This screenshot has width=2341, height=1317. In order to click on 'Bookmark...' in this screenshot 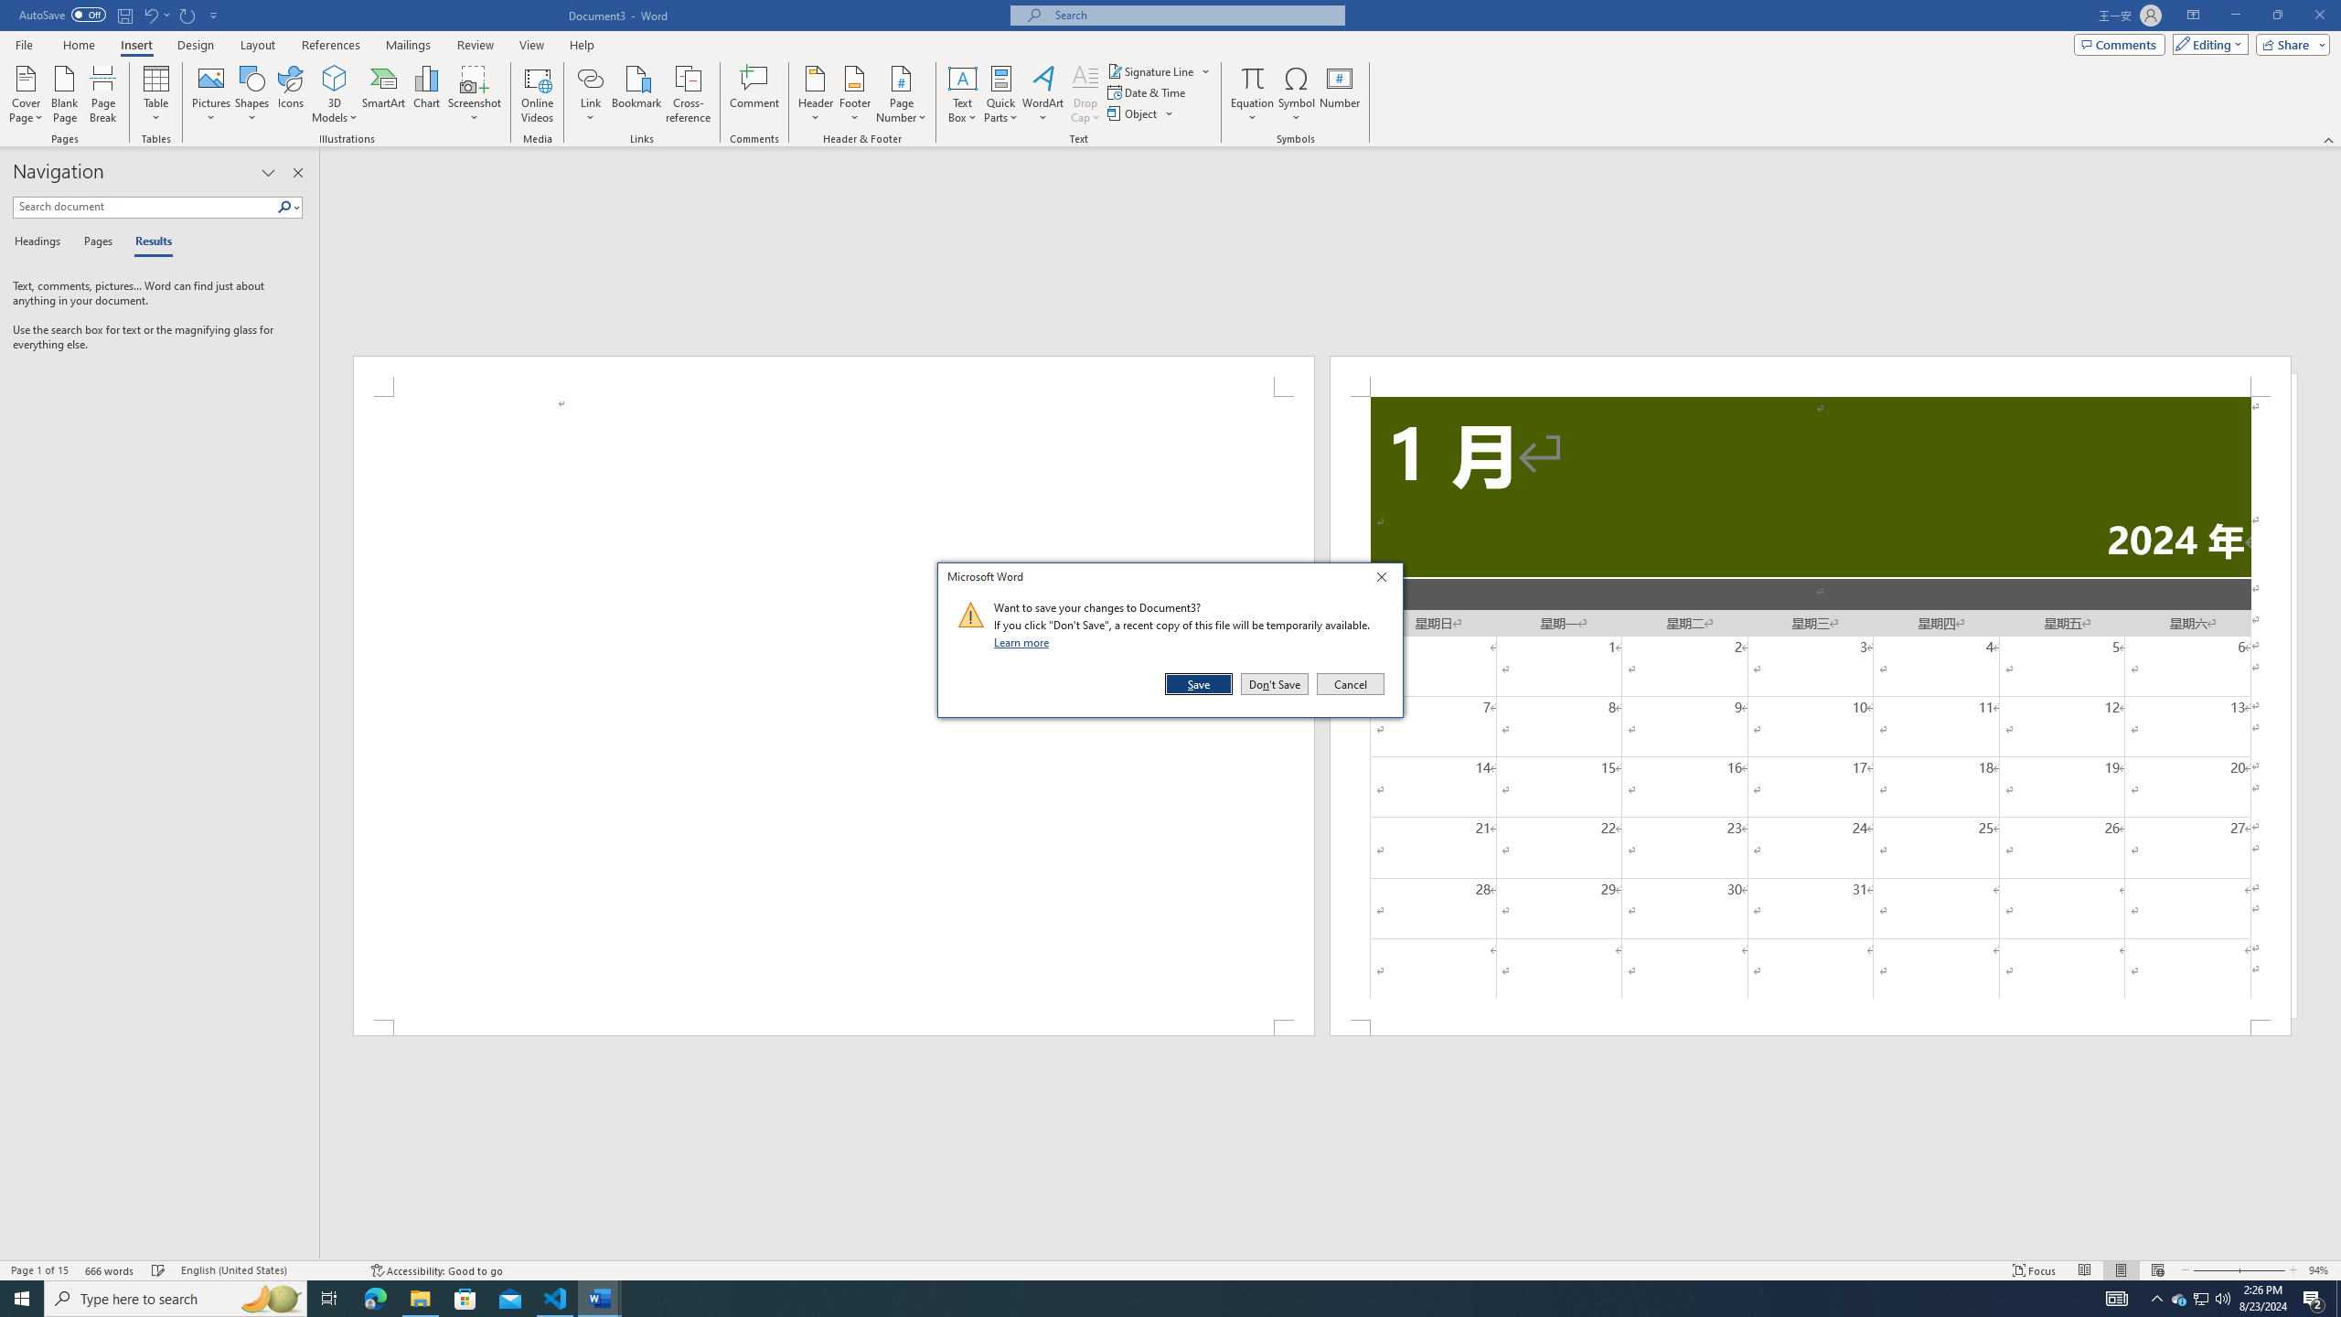, I will do `click(637, 94)`.